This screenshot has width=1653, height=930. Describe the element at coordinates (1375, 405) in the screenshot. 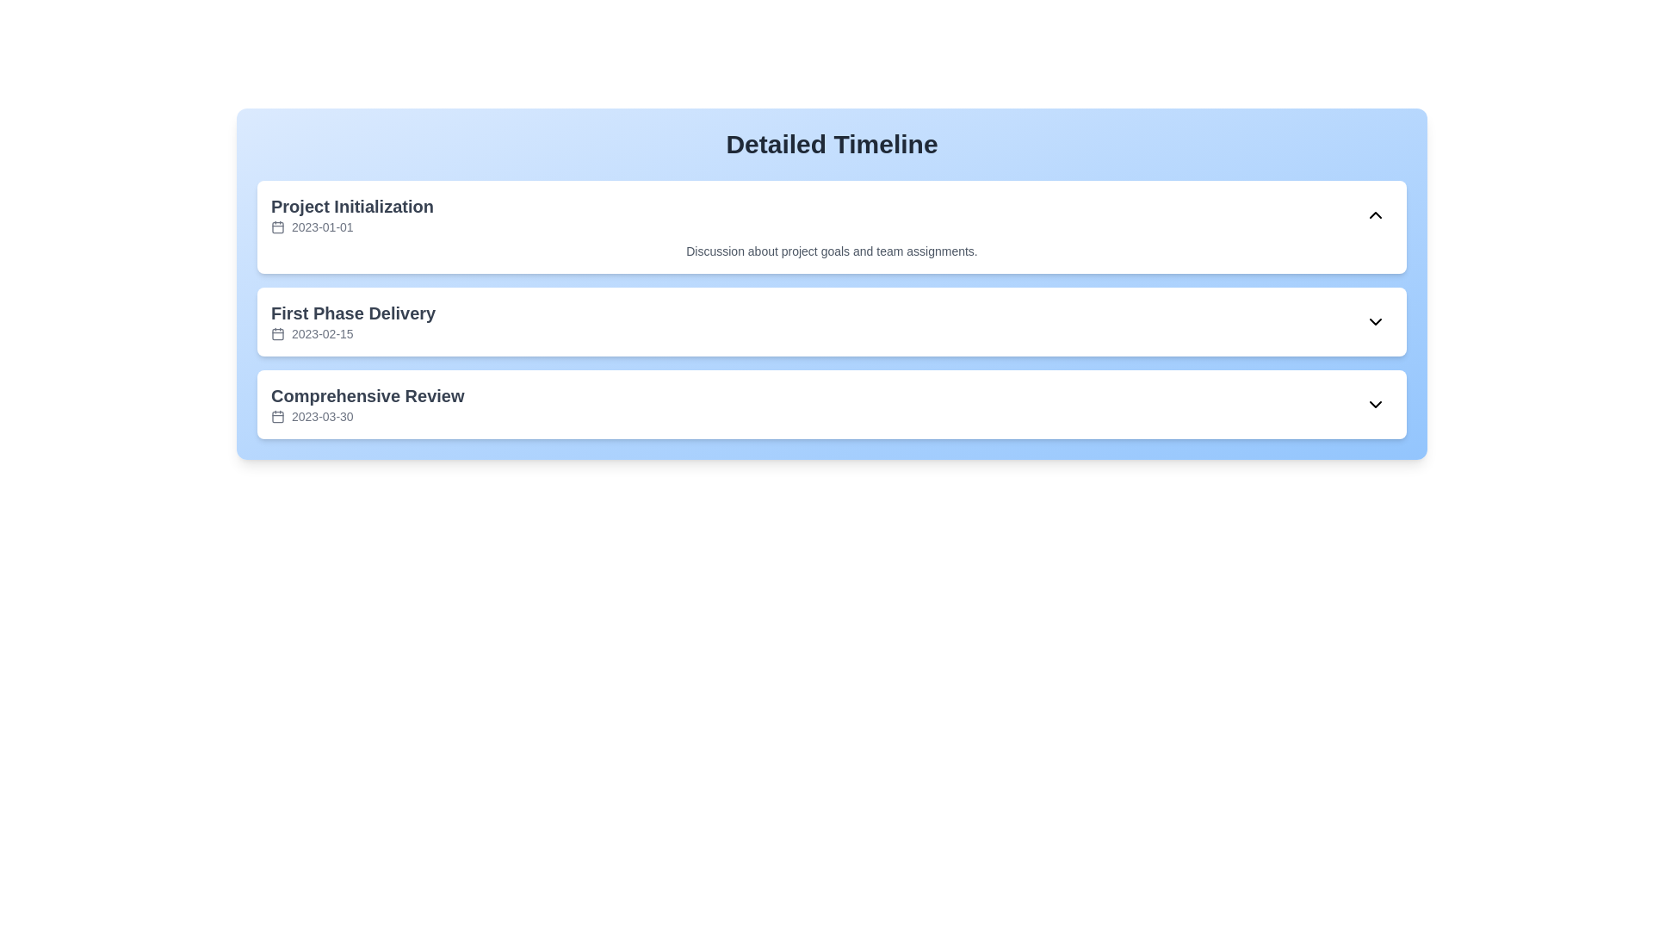

I see `the downward-facing chevron icon indicating expandable or collapsible content for the 'Comprehensive Review' entry in the detailed timeline section` at that location.